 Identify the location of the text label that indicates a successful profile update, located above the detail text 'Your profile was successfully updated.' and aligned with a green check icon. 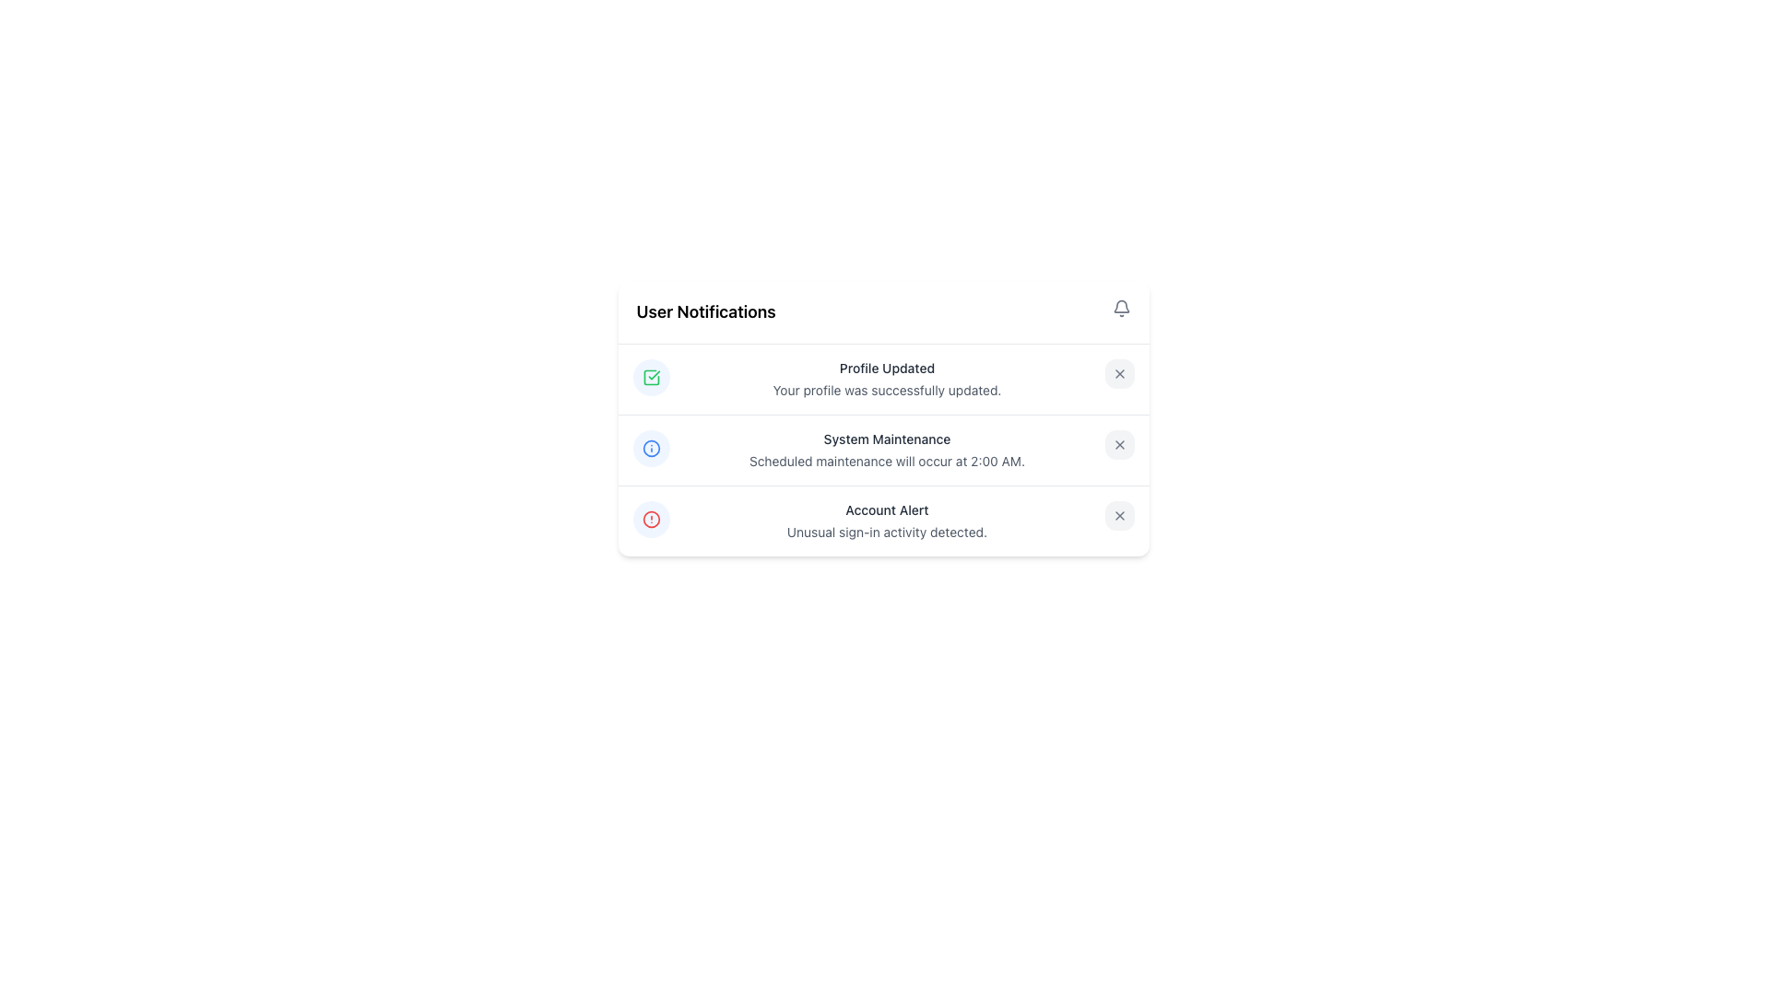
(887, 369).